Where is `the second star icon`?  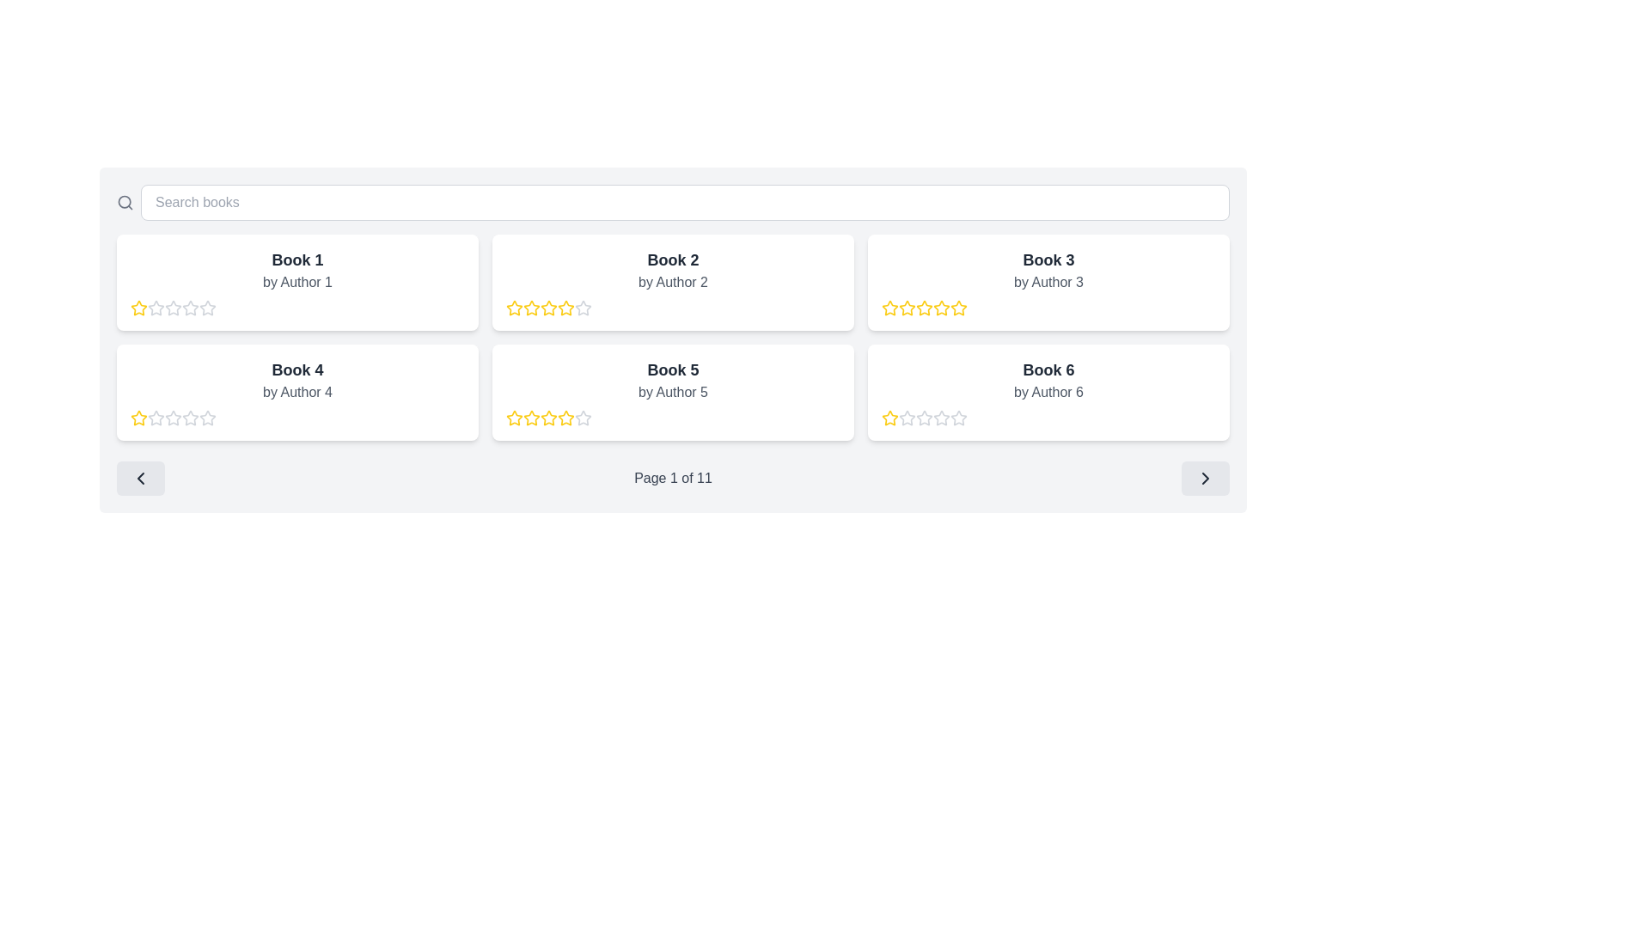 the second star icon is located at coordinates (173, 418).